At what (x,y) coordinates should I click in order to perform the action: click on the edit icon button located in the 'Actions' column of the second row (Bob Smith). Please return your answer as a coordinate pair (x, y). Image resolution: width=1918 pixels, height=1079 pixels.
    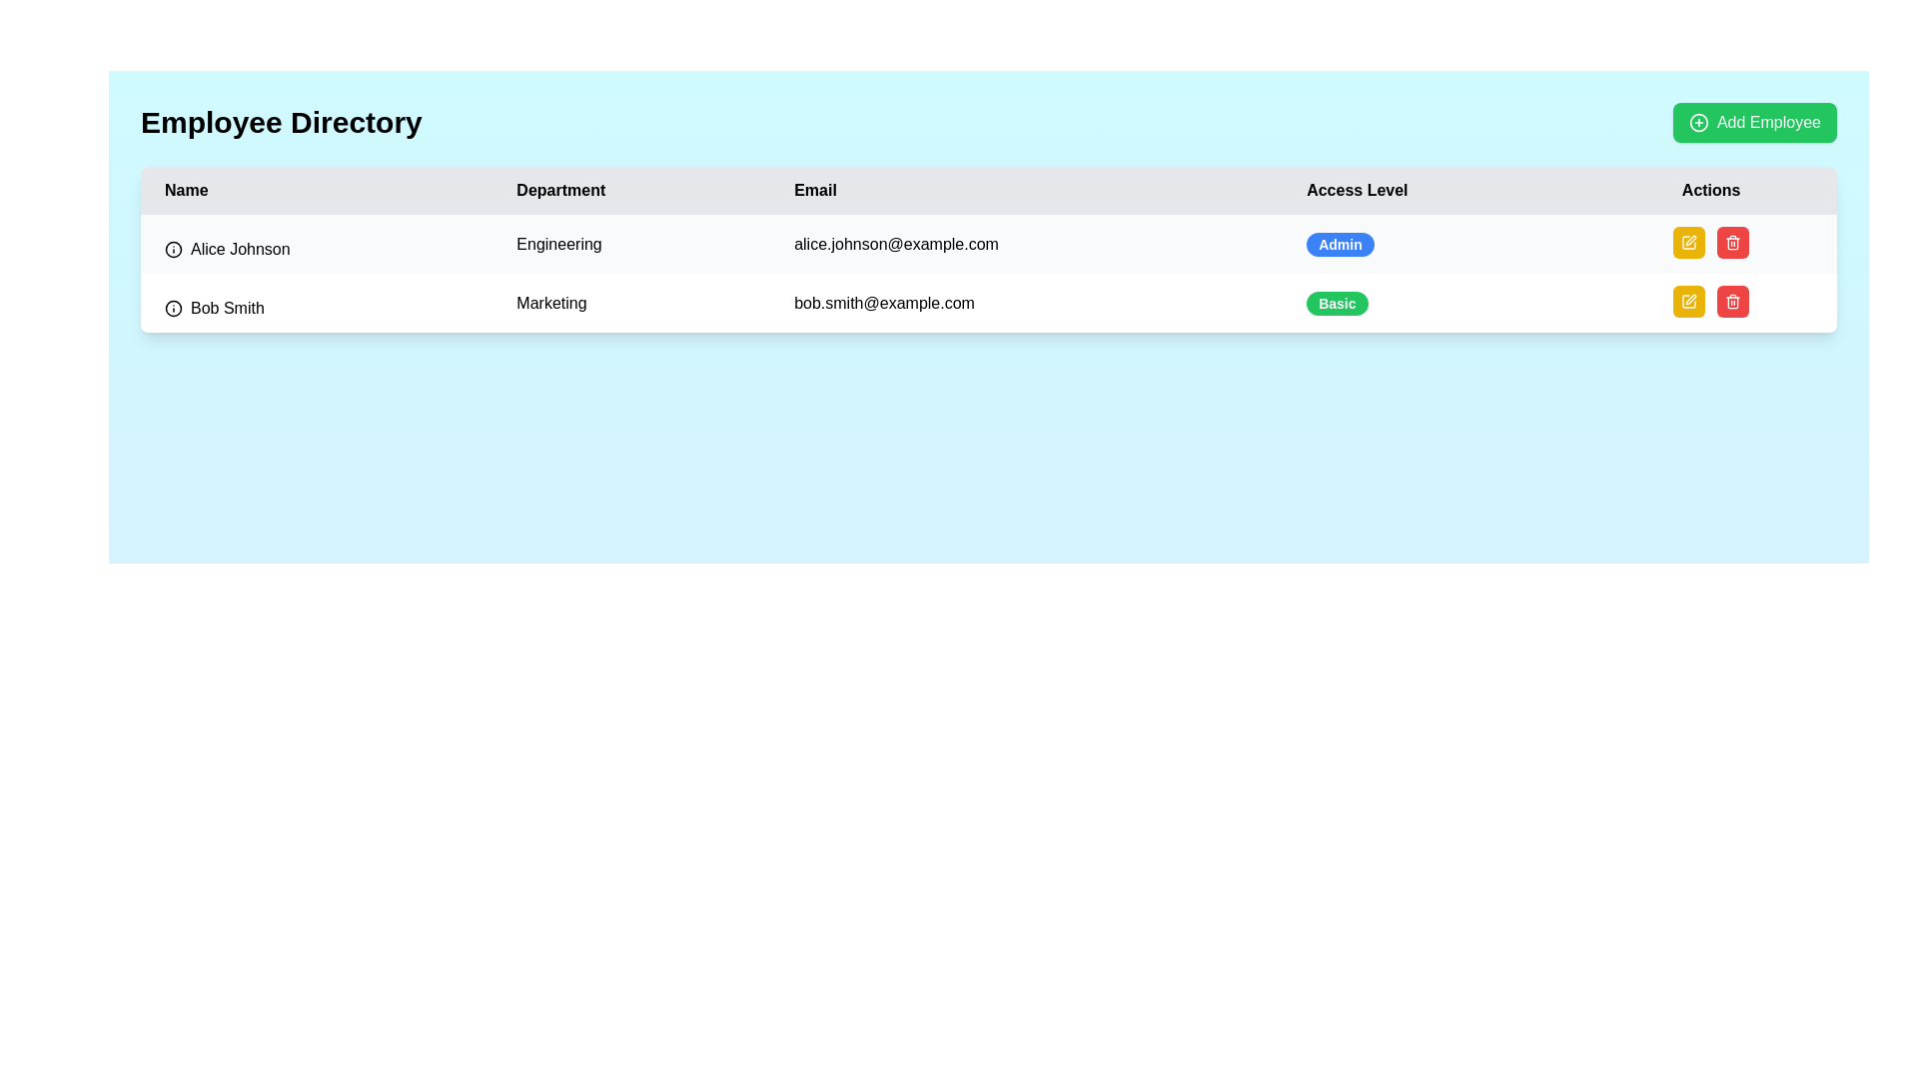
    Looking at the image, I should click on (1688, 301).